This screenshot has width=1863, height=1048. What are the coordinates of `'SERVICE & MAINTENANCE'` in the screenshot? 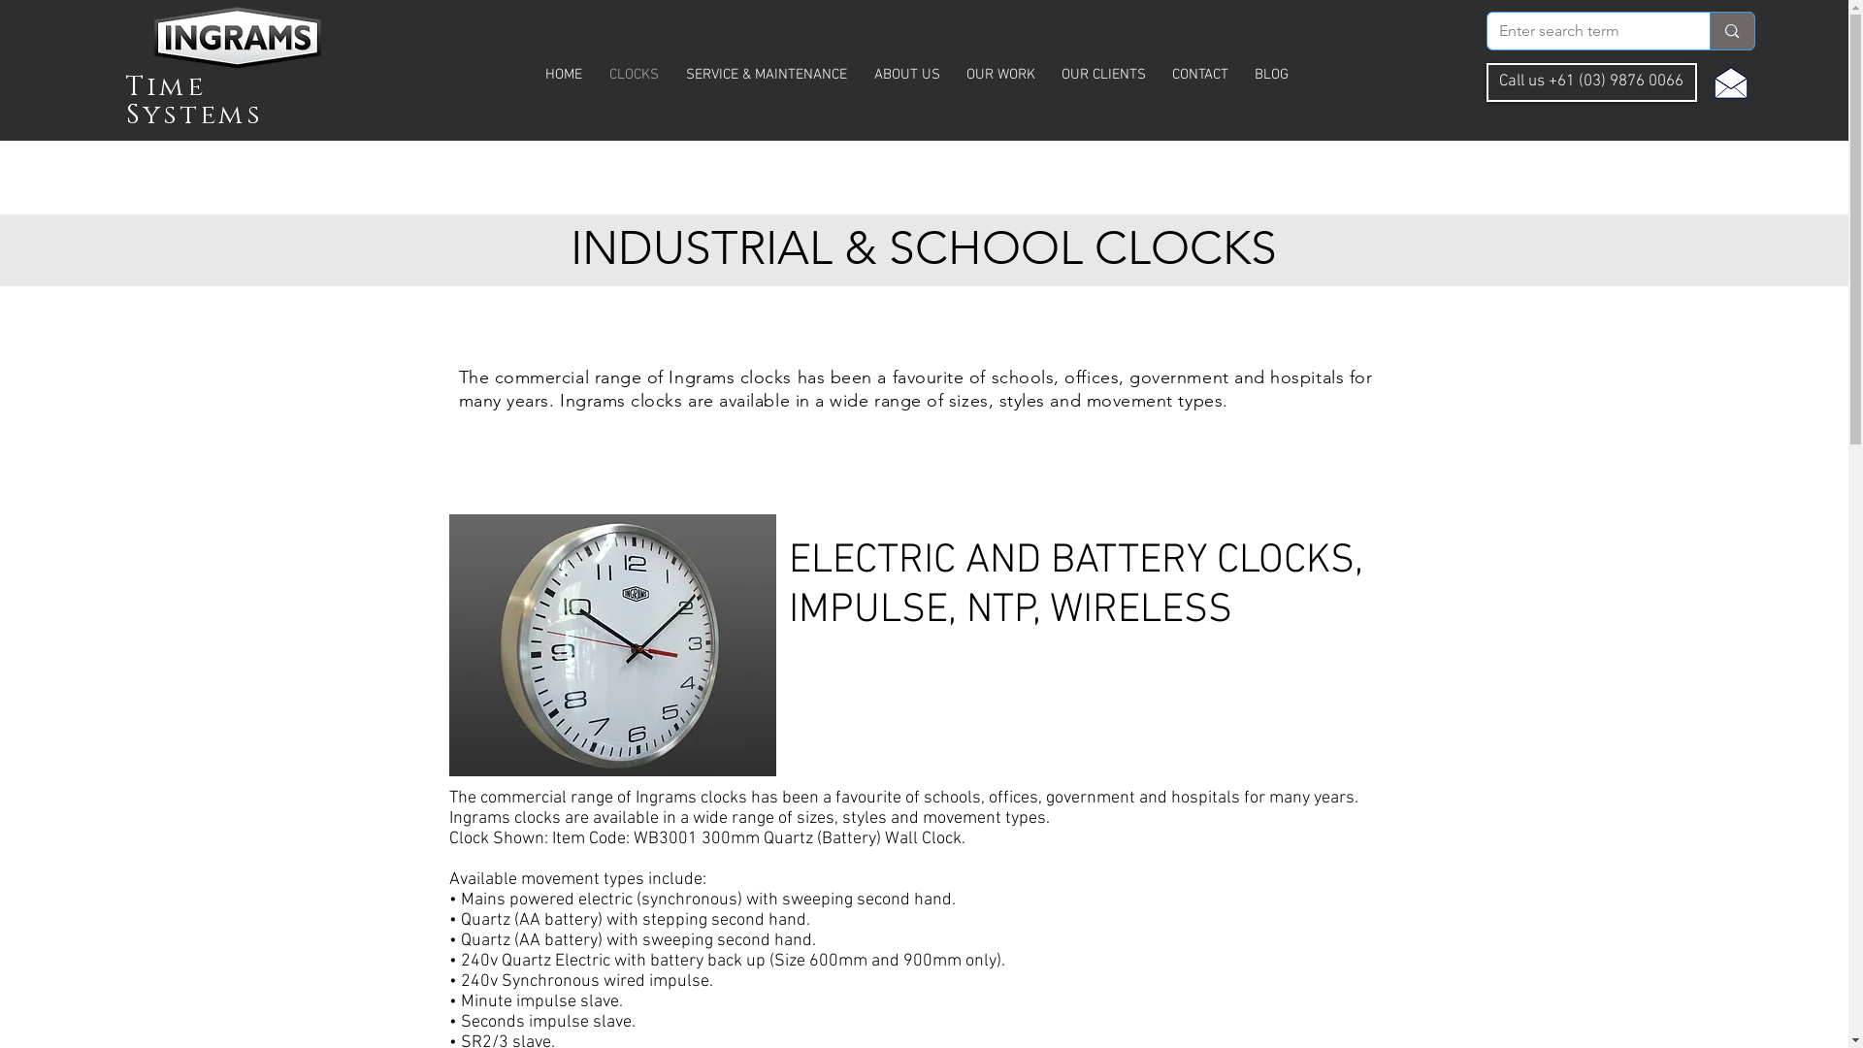 It's located at (764, 74).